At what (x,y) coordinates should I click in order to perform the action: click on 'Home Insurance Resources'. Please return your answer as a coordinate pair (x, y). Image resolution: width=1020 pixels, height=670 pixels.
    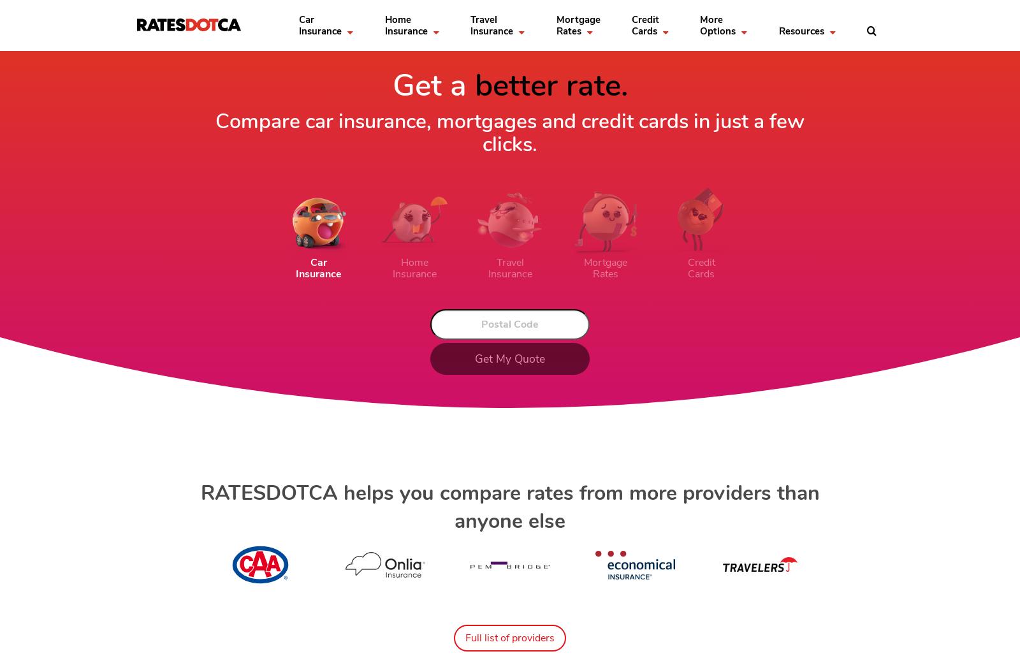
    Looking at the image, I should click on (397, 74).